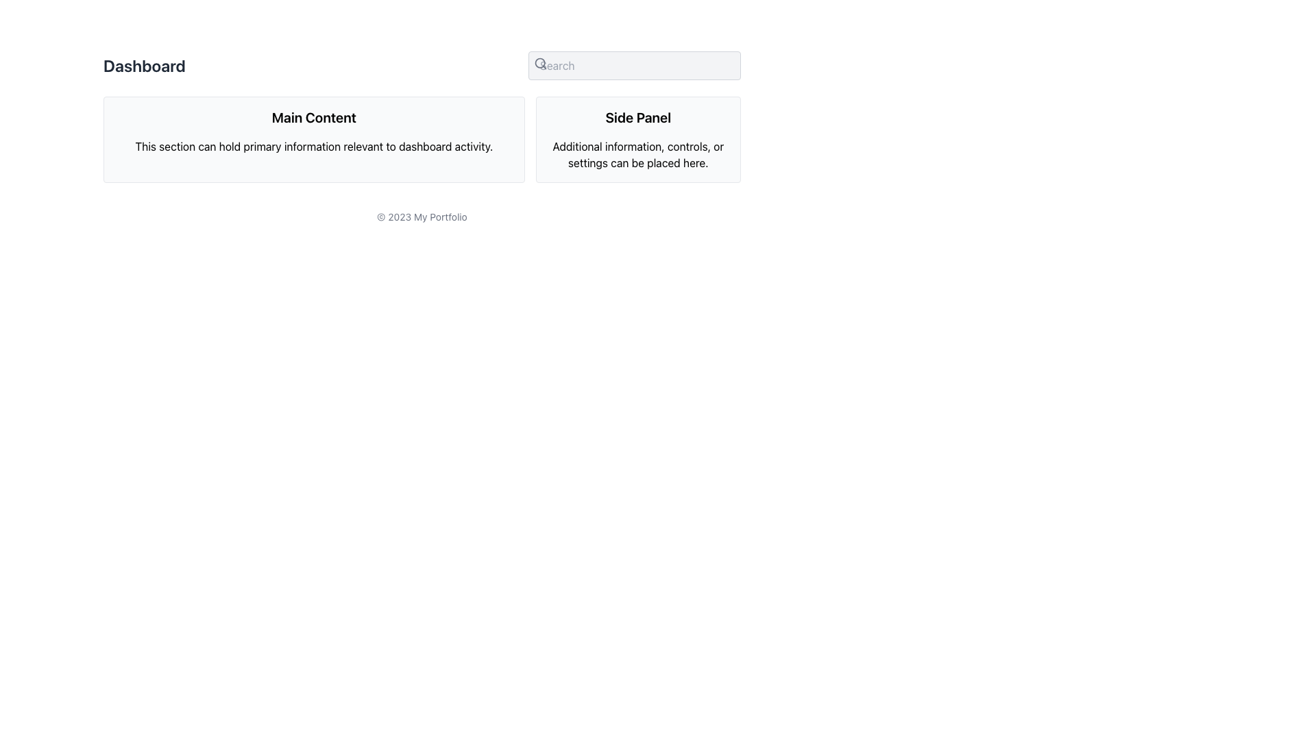  I want to click on text content located below the title 'Side Panel' in the rightmost column of the interface, specifically the text 'Additional information, controls, or settings can be placed here.', so click(637, 154).